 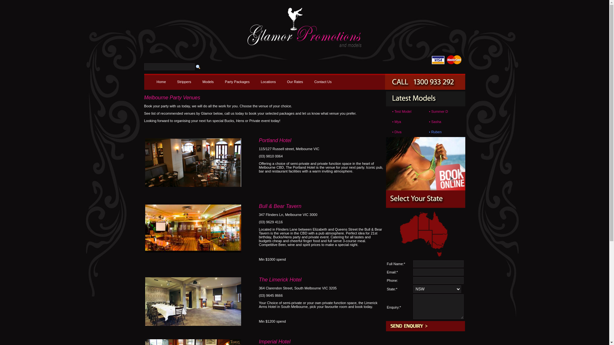 I want to click on 'Party Packages', so click(x=237, y=81).